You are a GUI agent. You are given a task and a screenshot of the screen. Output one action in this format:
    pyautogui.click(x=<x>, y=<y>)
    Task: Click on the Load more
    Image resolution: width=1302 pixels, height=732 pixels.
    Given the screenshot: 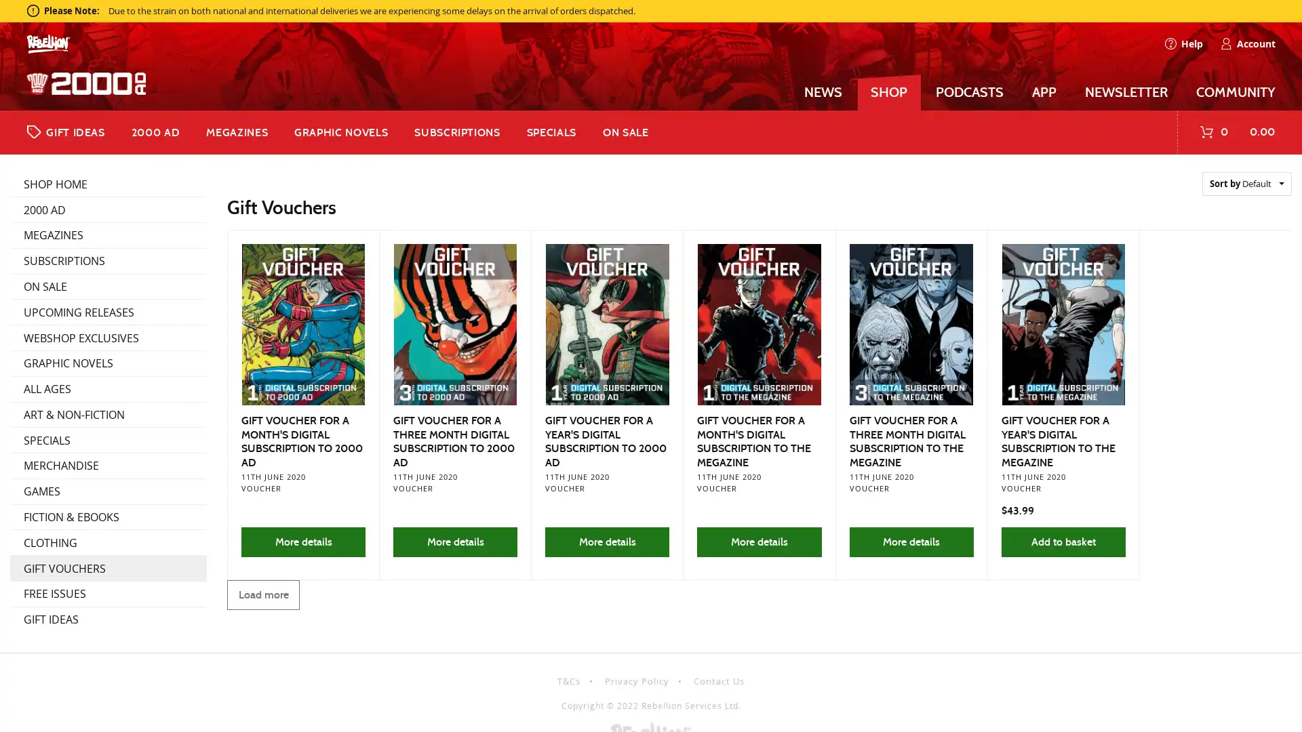 What is the action you would take?
    pyautogui.click(x=263, y=594)
    